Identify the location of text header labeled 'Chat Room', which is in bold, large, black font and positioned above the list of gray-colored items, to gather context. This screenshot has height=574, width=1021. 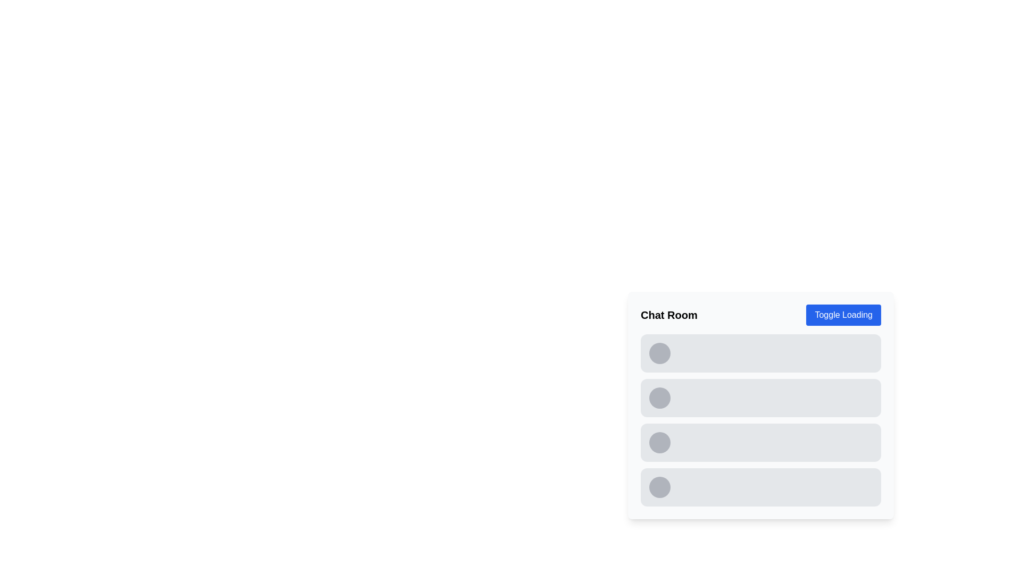
(668, 315).